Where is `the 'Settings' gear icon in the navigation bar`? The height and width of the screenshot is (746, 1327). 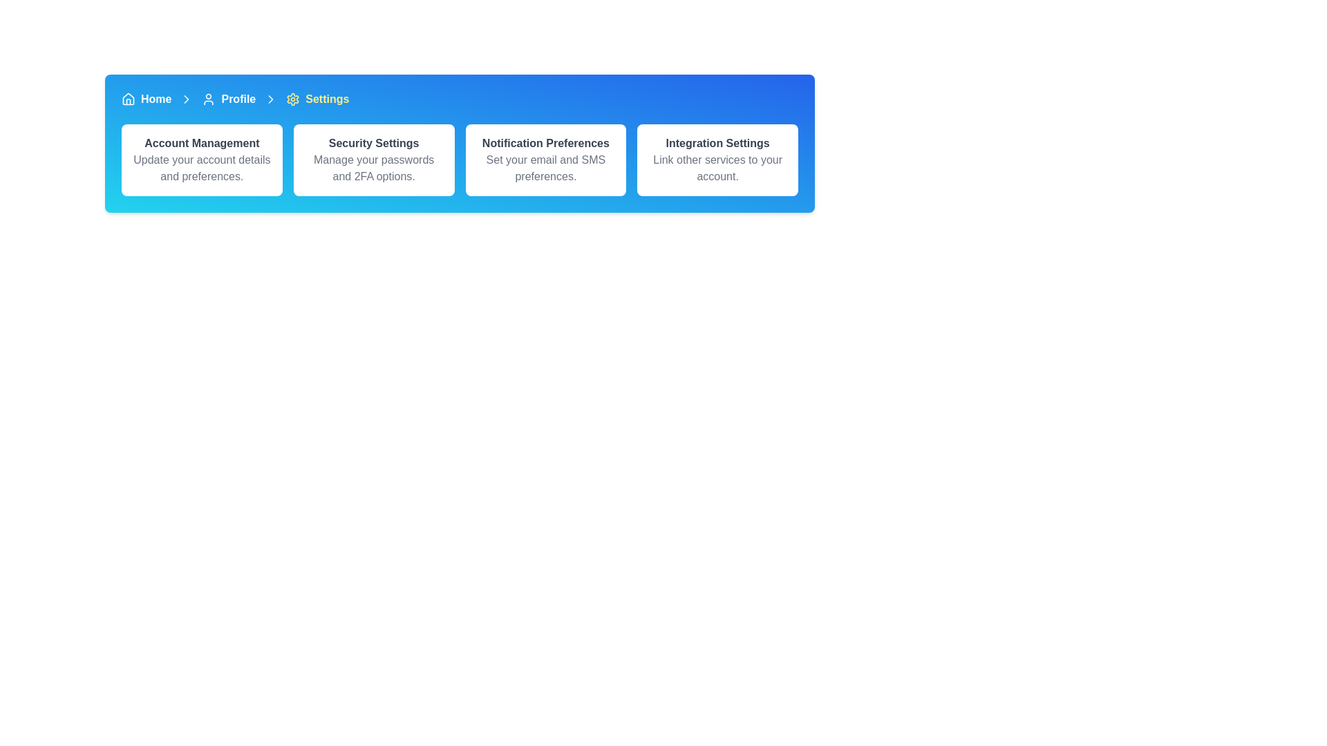 the 'Settings' gear icon in the navigation bar is located at coordinates (292, 98).